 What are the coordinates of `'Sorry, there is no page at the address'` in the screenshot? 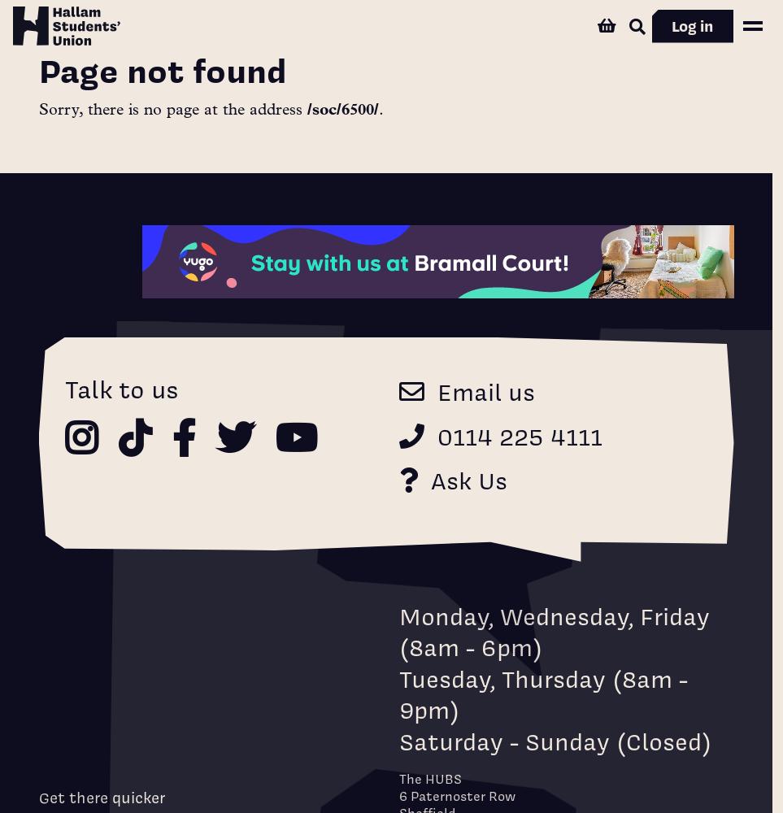 It's located at (171, 111).